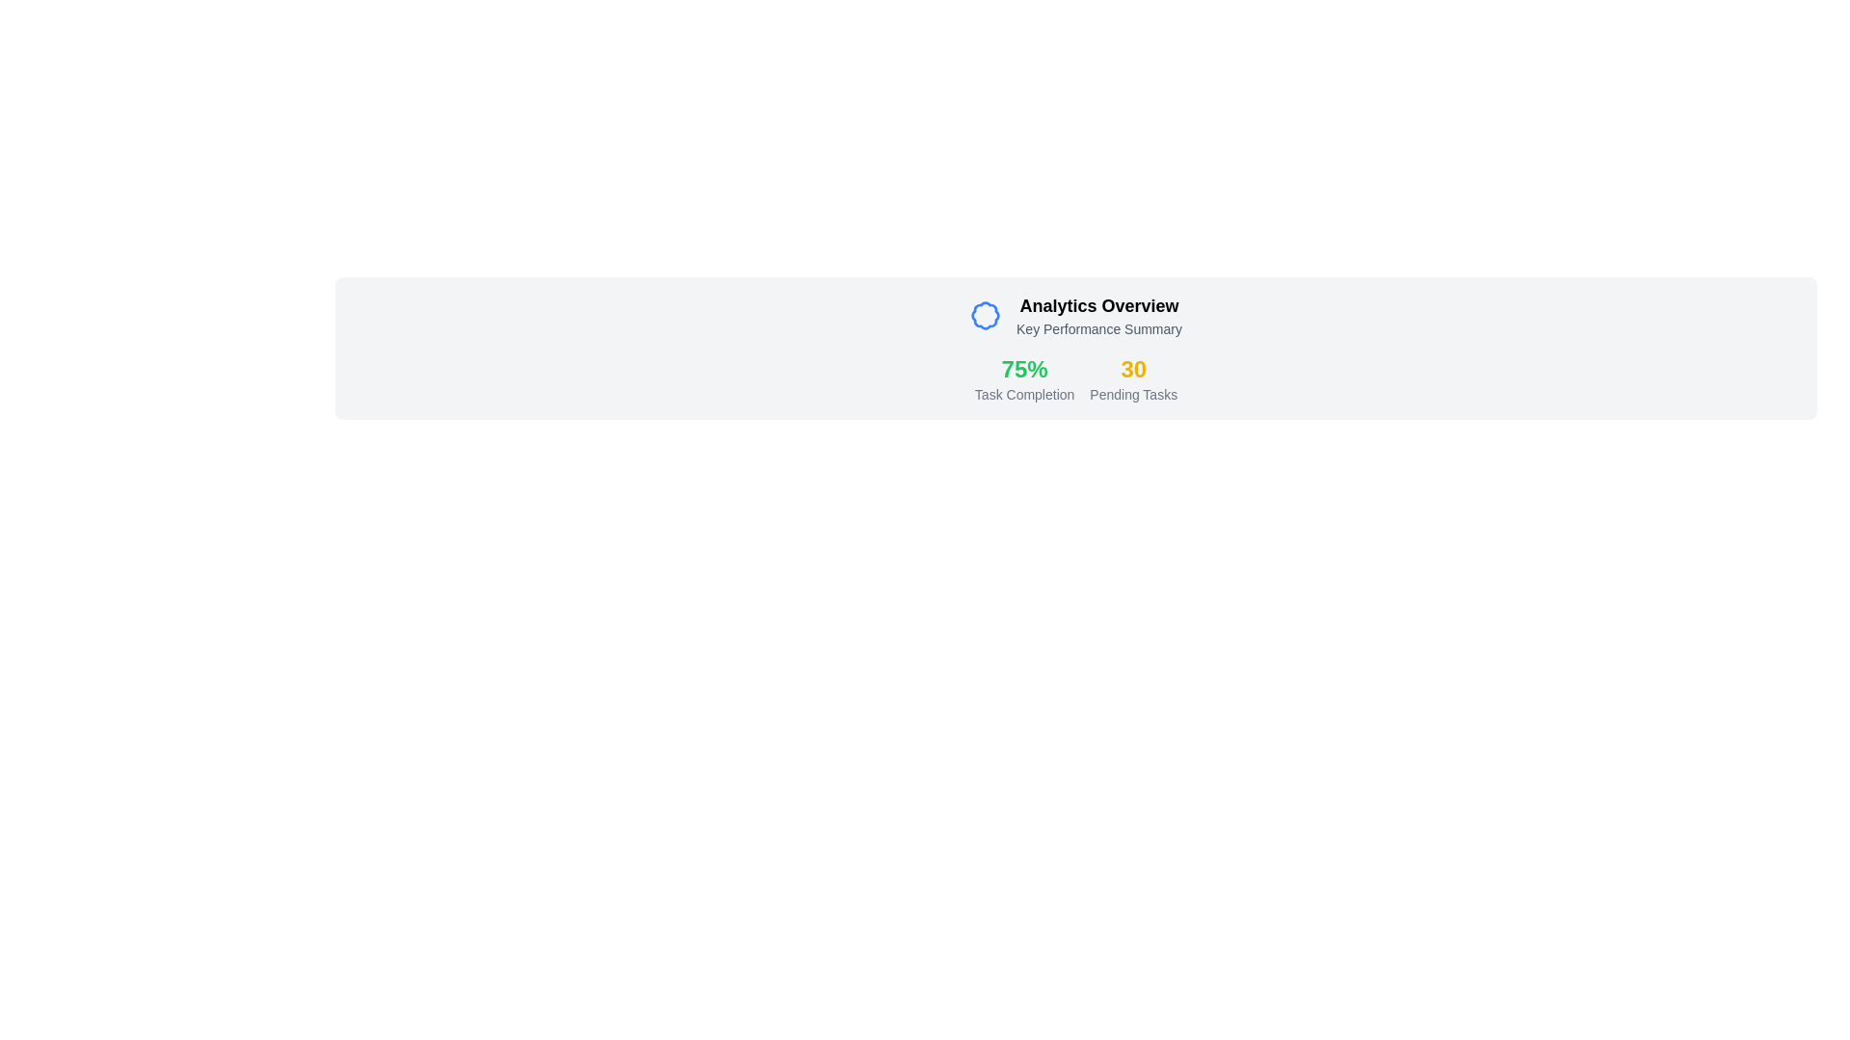 Image resolution: width=1850 pixels, height=1040 pixels. Describe the element at coordinates (1099, 328) in the screenshot. I see `the text label 'Key Performance Summary' that is styled in small gray font, located under the 'Analytics Overview' headline` at that location.